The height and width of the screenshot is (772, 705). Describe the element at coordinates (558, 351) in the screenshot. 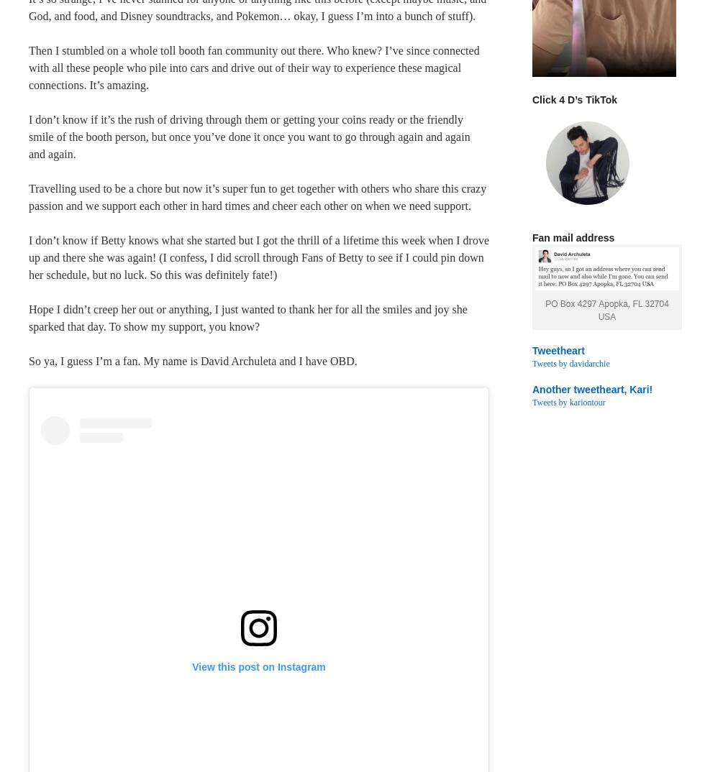

I see `'Tweetheart'` at that location.